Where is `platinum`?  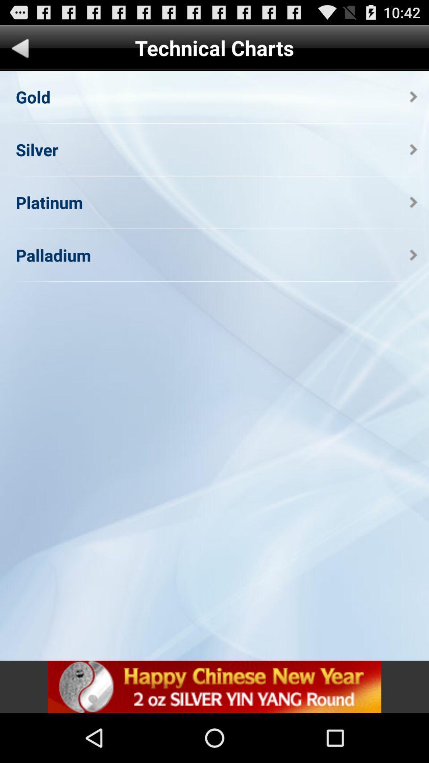 platinum is located at coordinates (49, 202).